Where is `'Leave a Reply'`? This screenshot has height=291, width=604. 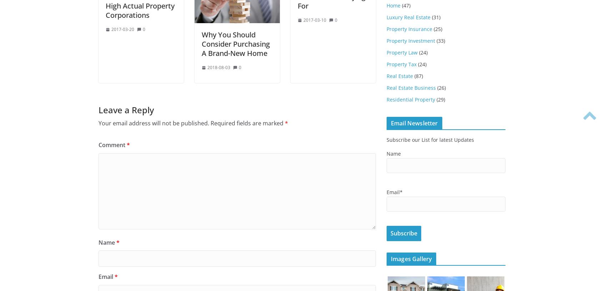 'Leave a Reply' is located at coordinates (98, 110).